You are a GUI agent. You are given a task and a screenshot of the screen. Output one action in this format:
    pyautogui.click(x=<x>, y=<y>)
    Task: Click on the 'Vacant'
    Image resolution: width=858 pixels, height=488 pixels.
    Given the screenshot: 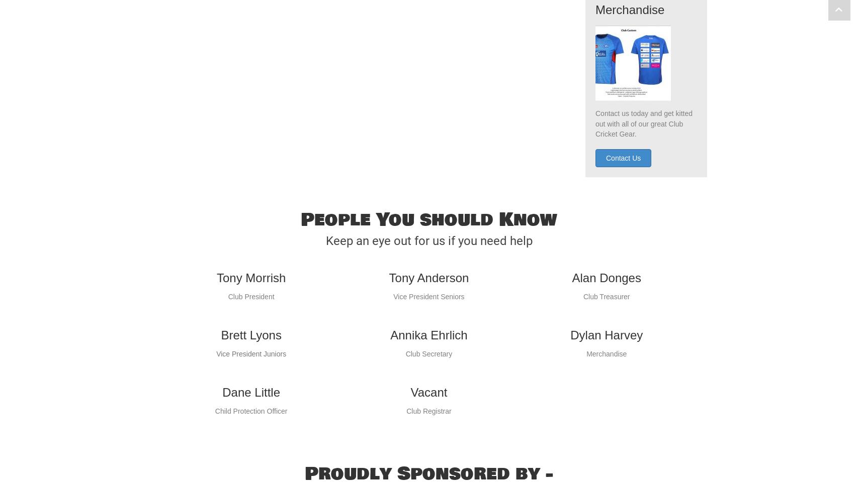 What is the action you would take?
    pyautogui.click(x=409, y=412)
    